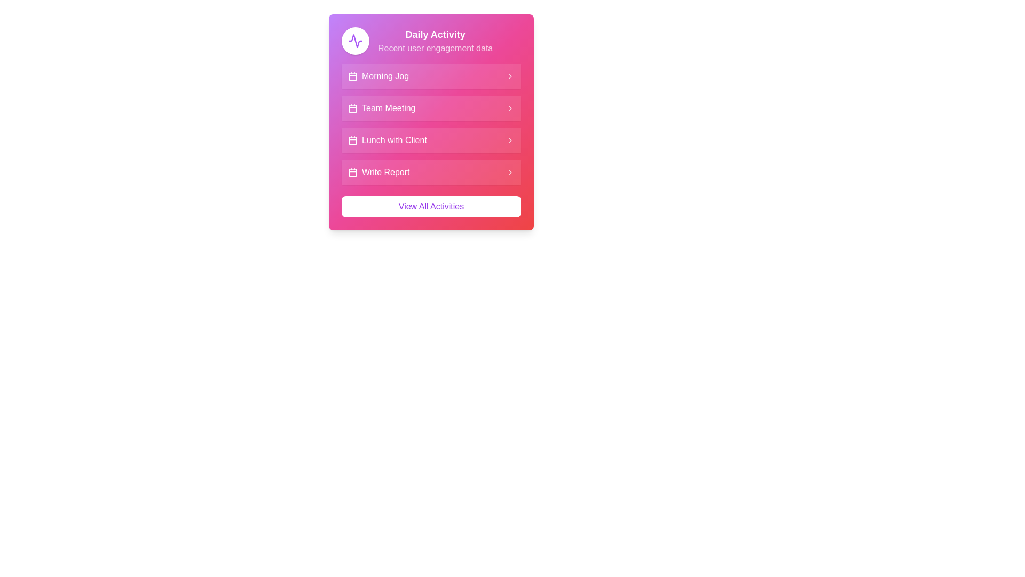 Image resolution: width=1025 pixels, height=577 pixels. What do you see at coordinates (353, 75) in the screenshot?
I see `the calendar icon, which is styled in white and positioned to the left of the text 'Morning Jog' in the 'Daily Activity' list` at bounding box center [353, 75].